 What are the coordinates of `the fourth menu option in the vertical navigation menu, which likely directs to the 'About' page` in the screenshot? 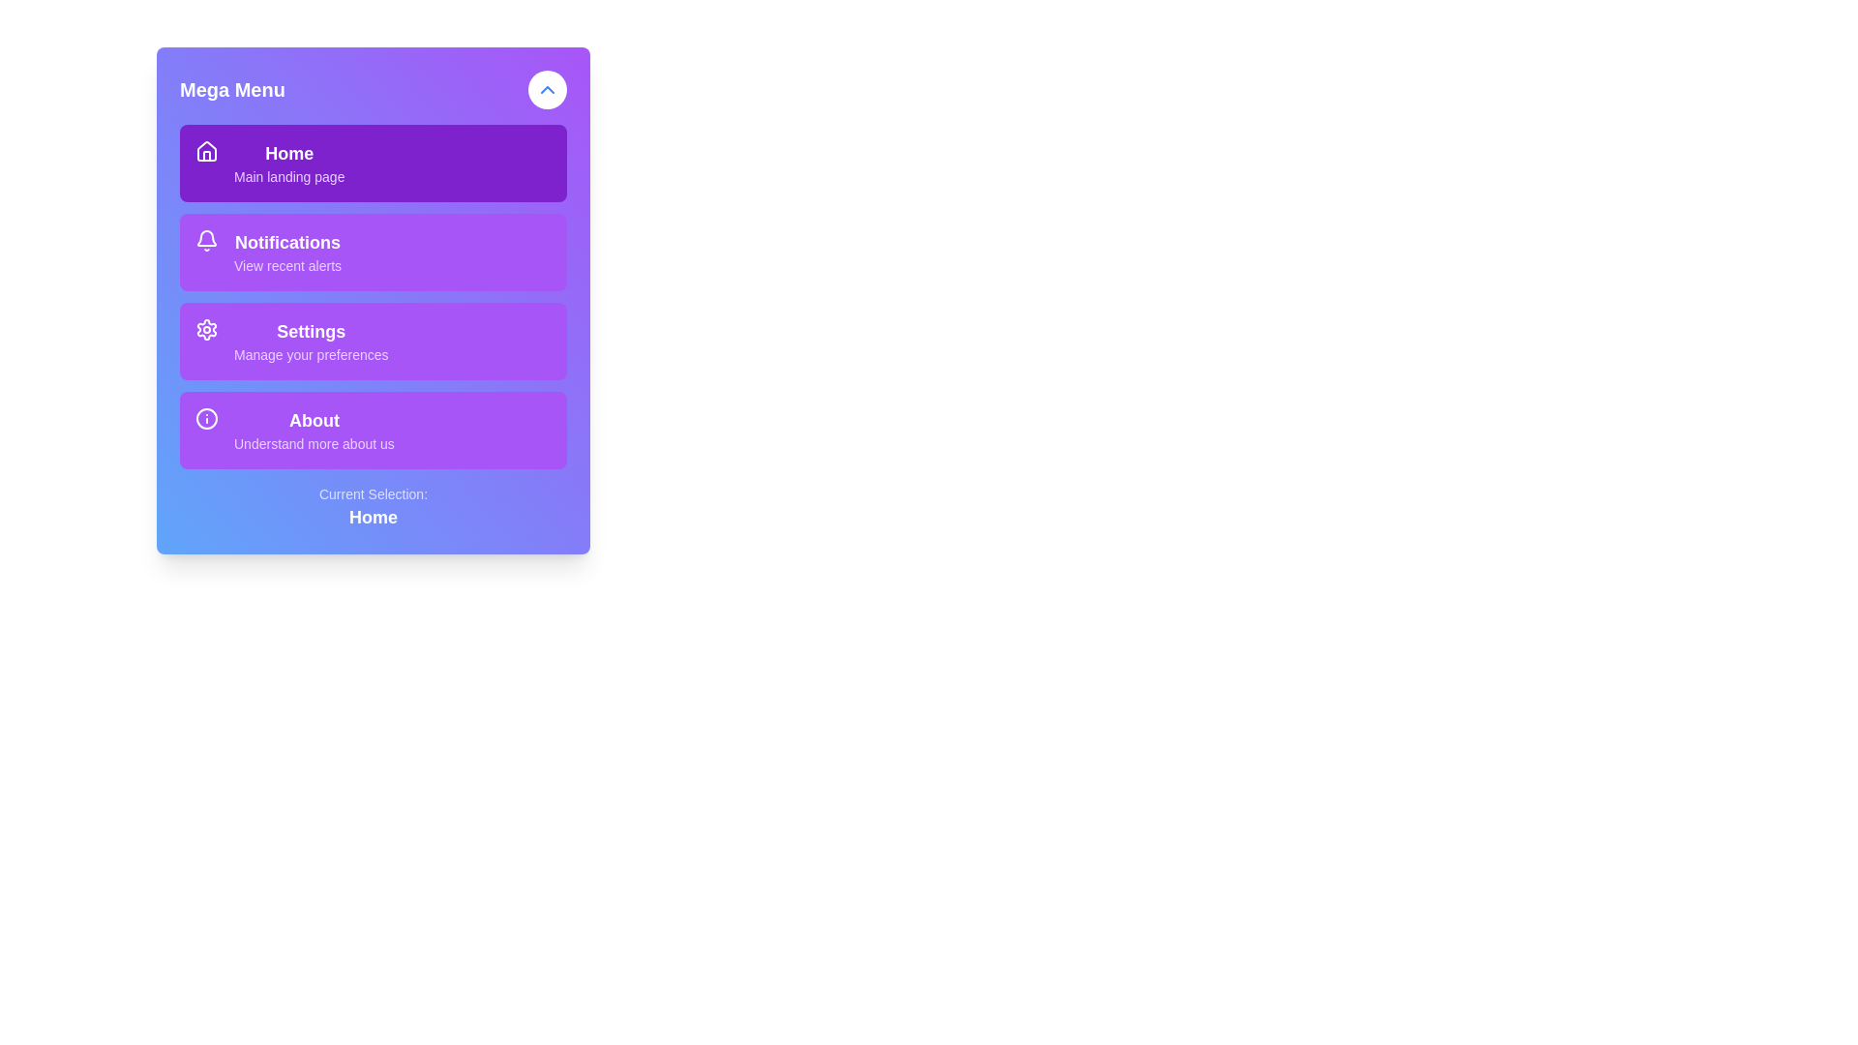 It's located at (314, 429).